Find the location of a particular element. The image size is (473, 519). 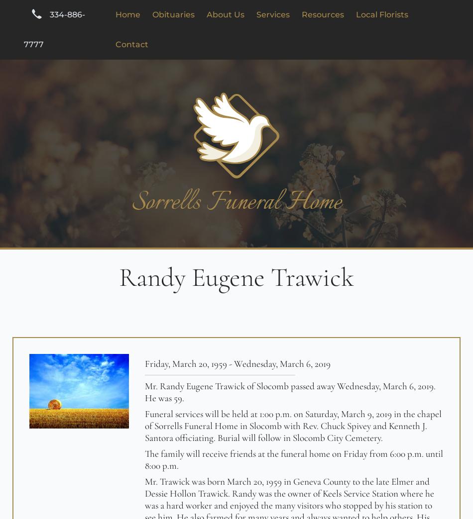

'Services' is located at coordinates (273, 14).